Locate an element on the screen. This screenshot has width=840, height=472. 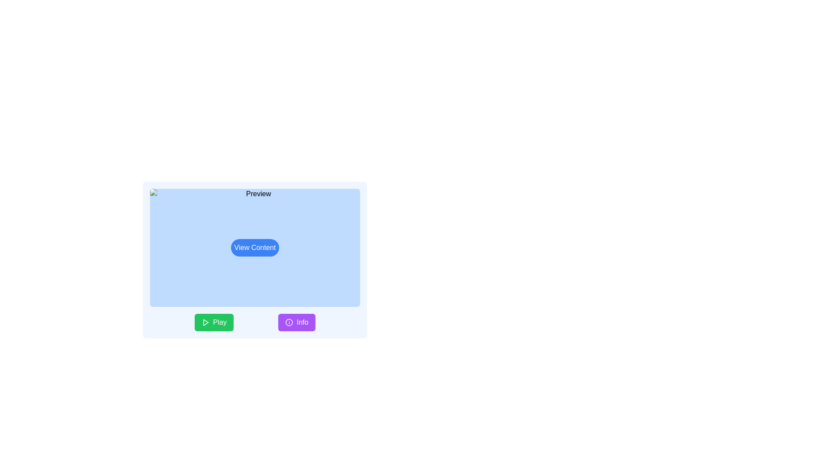
the purple button with rounded corners labeled 'Info' is located at coordinates (297, 322).